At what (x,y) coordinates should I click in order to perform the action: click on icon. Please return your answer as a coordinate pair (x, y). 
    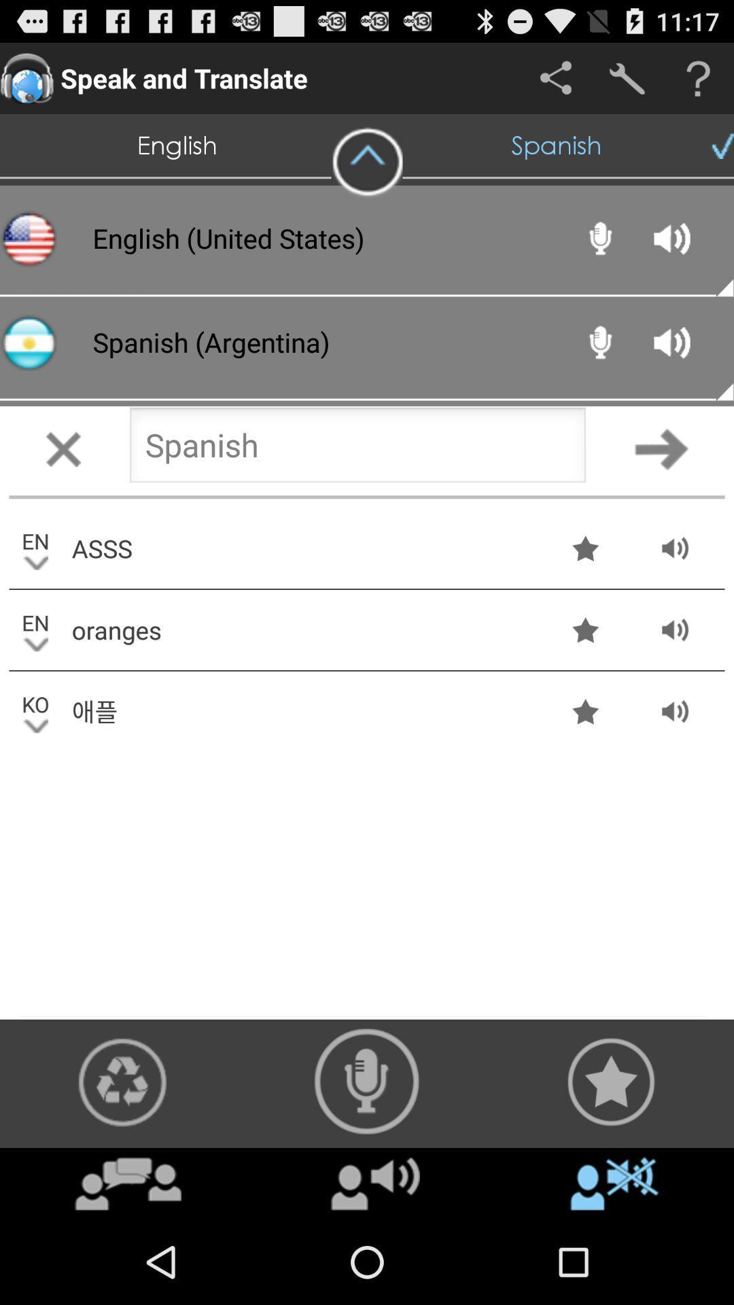
    Looking at the image, I should click on (128, 1183).